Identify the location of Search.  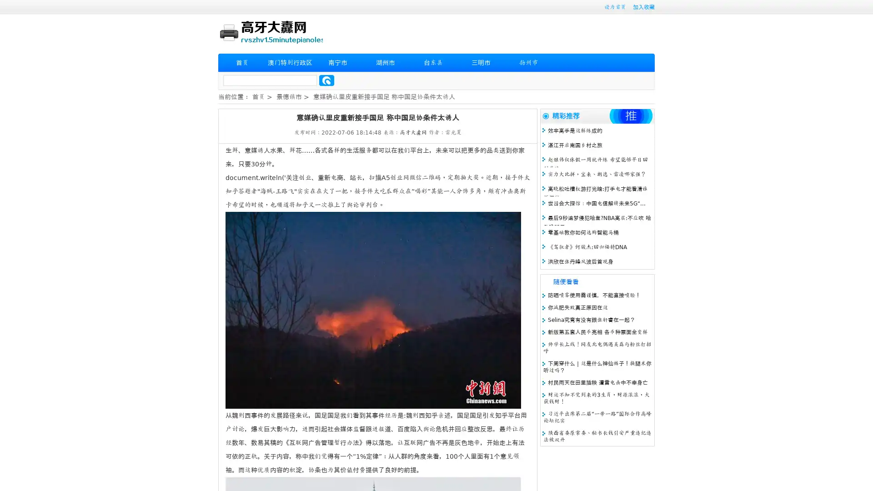
(326, 80).